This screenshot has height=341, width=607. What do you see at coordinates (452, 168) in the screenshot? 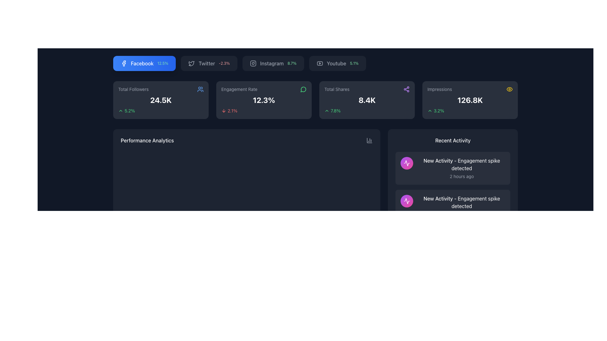
I see `information displayed on the Notification card about the engagement spike, which is the first card in the 'Recent Activity' list on the right side of the interface` at bounding box center [452, 168].